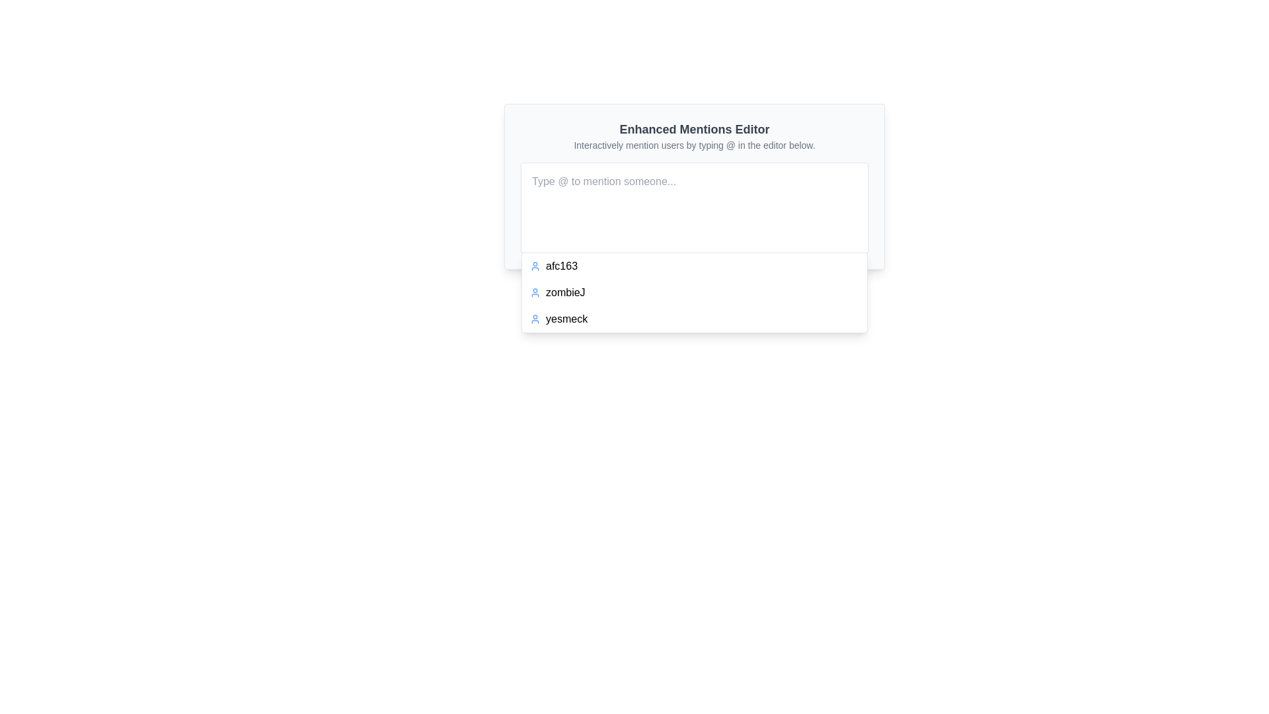 Image resolution: width=1269 pixels, height=714 pixels. What do you see at coordinates (694, 145) in the screenshot?
I see `the static text label that instructs to 'Interactively mention users by typing @ in the editor below.' located below the header 'Enhanced Mentions Editor'` at bounding box center [694, 145].